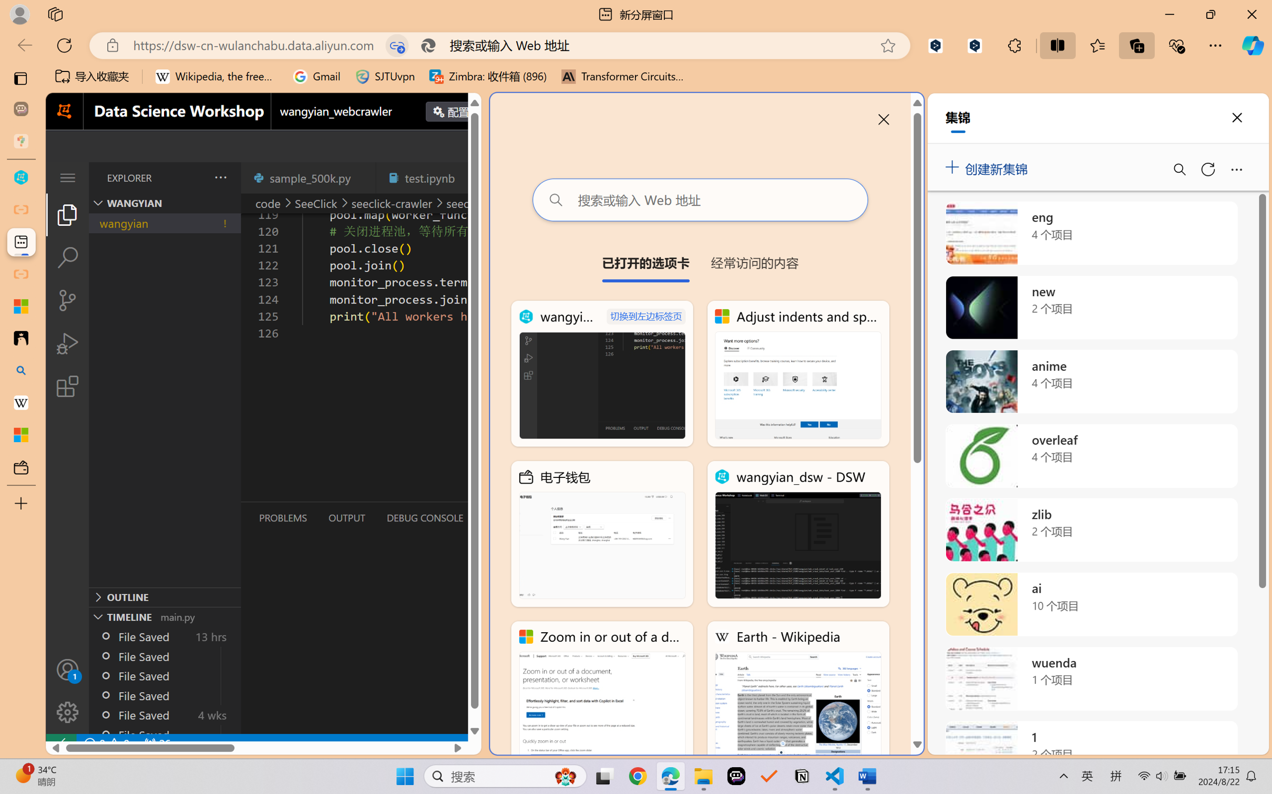  Describe the element at coordinates (67, 300) in the screenshot. I see `'Source Control (Ctrl+Shift+G)'` at that location.